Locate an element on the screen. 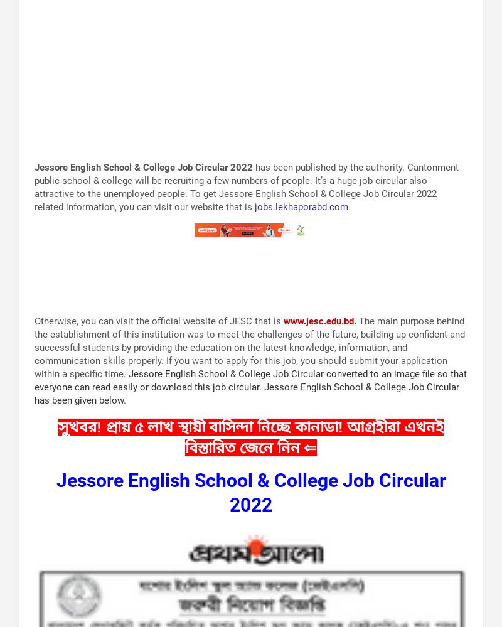 This screenshot has height=627, width=502. 'converted to an image file so that everyone can read easily or download this job circular. Jessore English School & College Job Circular has been given below.' is located at coordinates (250, 385).